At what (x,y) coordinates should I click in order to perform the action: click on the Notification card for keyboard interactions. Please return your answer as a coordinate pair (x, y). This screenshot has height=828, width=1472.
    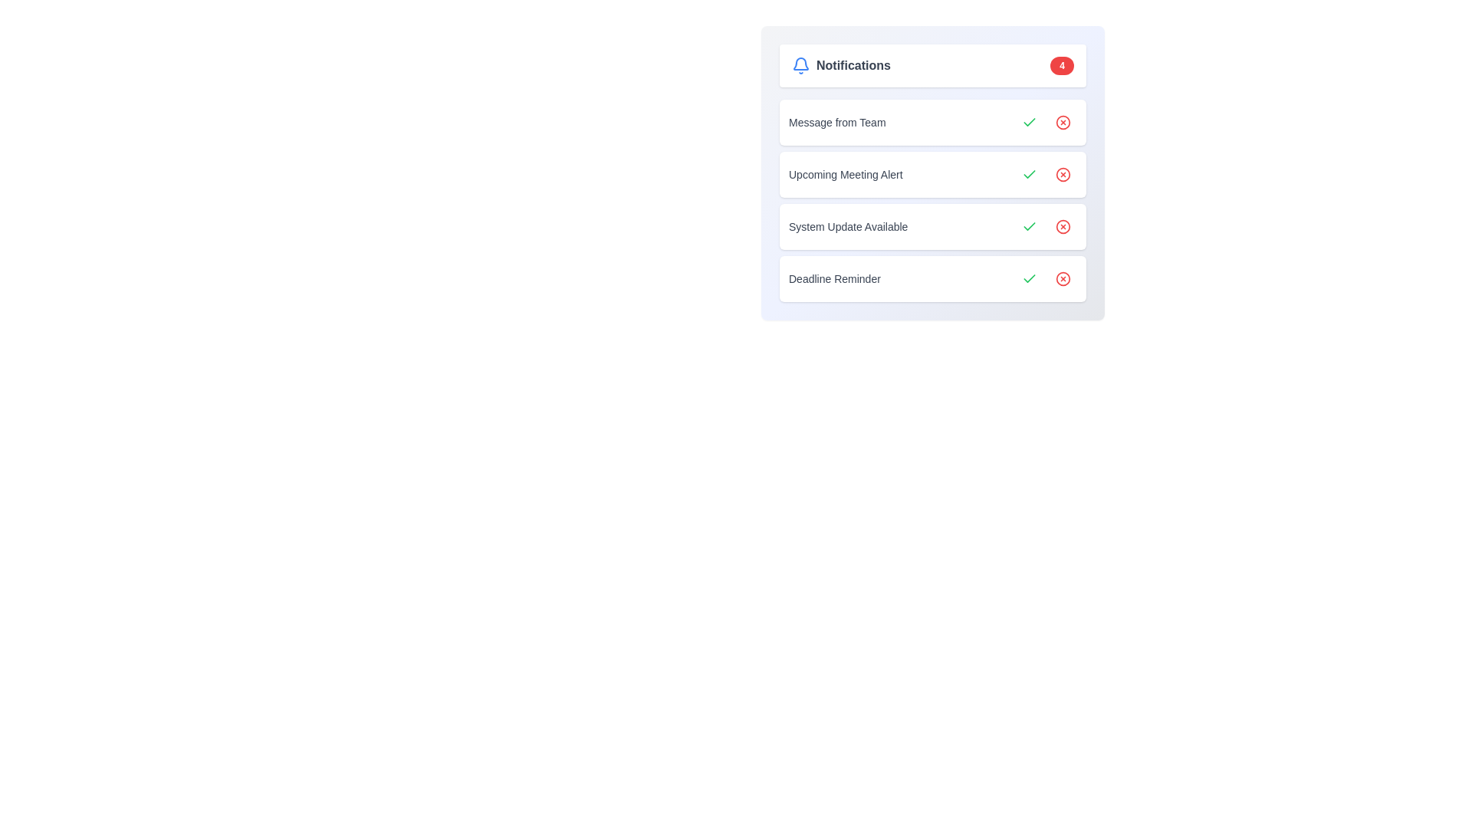
    Looking at the image, I should click on (932, 121).